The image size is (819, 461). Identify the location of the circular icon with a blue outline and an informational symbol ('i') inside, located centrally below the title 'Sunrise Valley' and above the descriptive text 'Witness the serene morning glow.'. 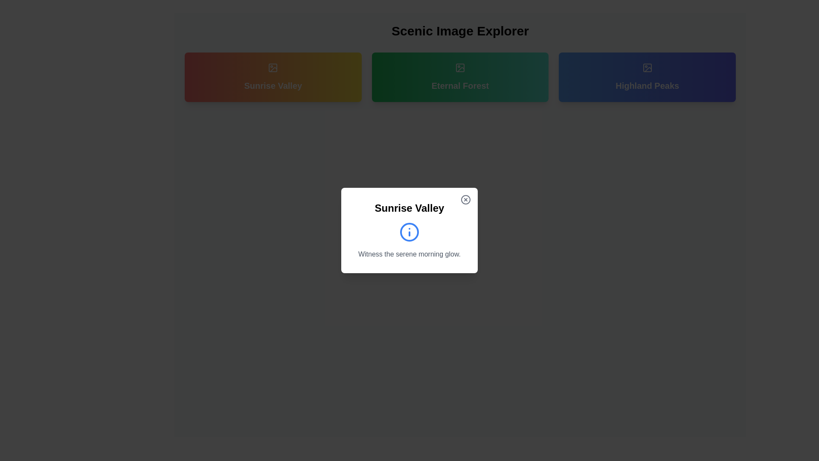
(409, 232).